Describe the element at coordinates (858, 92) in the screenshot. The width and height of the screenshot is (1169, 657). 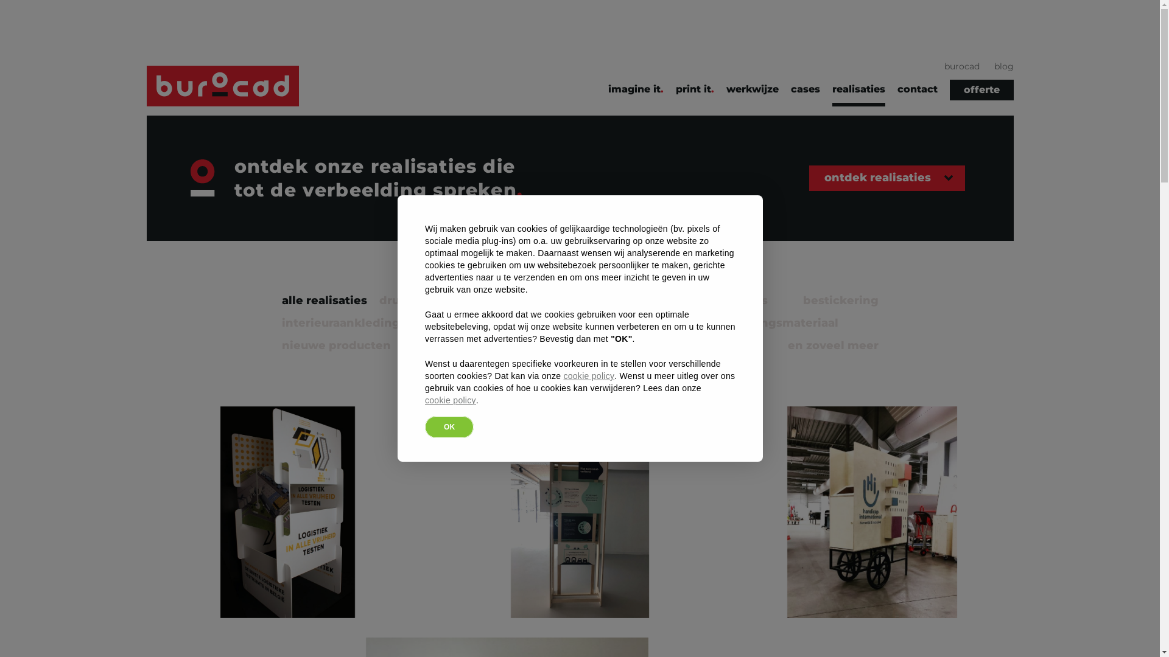
I see `'realisaties'` at that location.